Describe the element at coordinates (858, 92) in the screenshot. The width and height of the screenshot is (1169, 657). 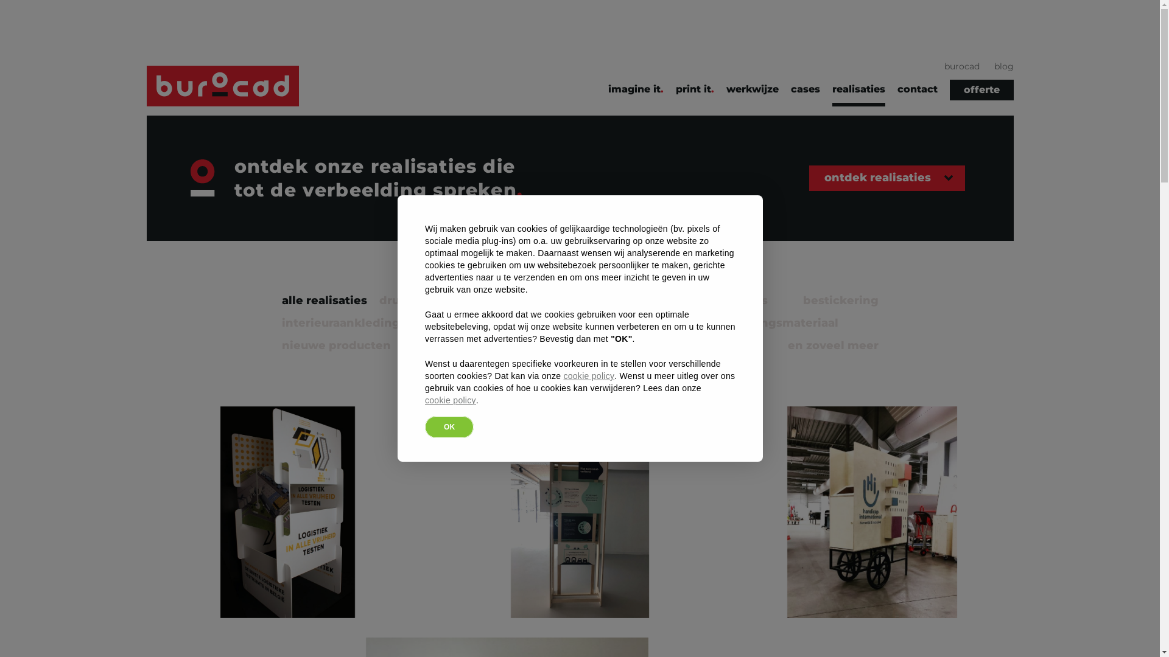
I see `'realisaties'` at that location.